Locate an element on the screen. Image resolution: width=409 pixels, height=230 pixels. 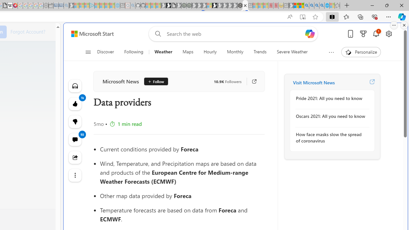
'Play Zoo Boom in your browser | Games from Microsoft Start' is located at coordinates (168, 5).